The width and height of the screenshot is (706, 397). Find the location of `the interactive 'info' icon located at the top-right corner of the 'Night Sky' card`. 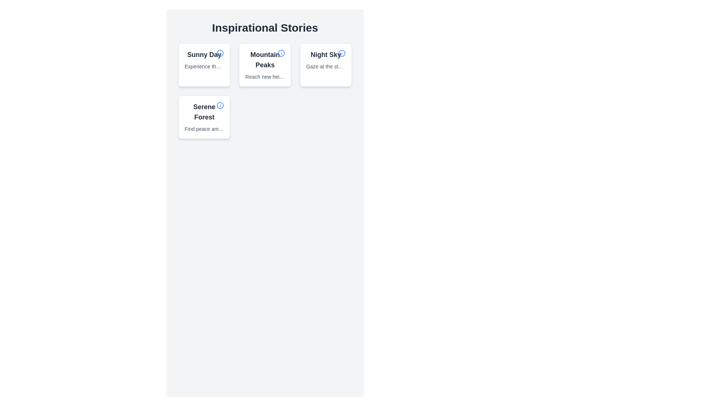

the interactive 'info' icon located at the top-right corner of the 'Night Sky' card is located at coordinates (342, 53).